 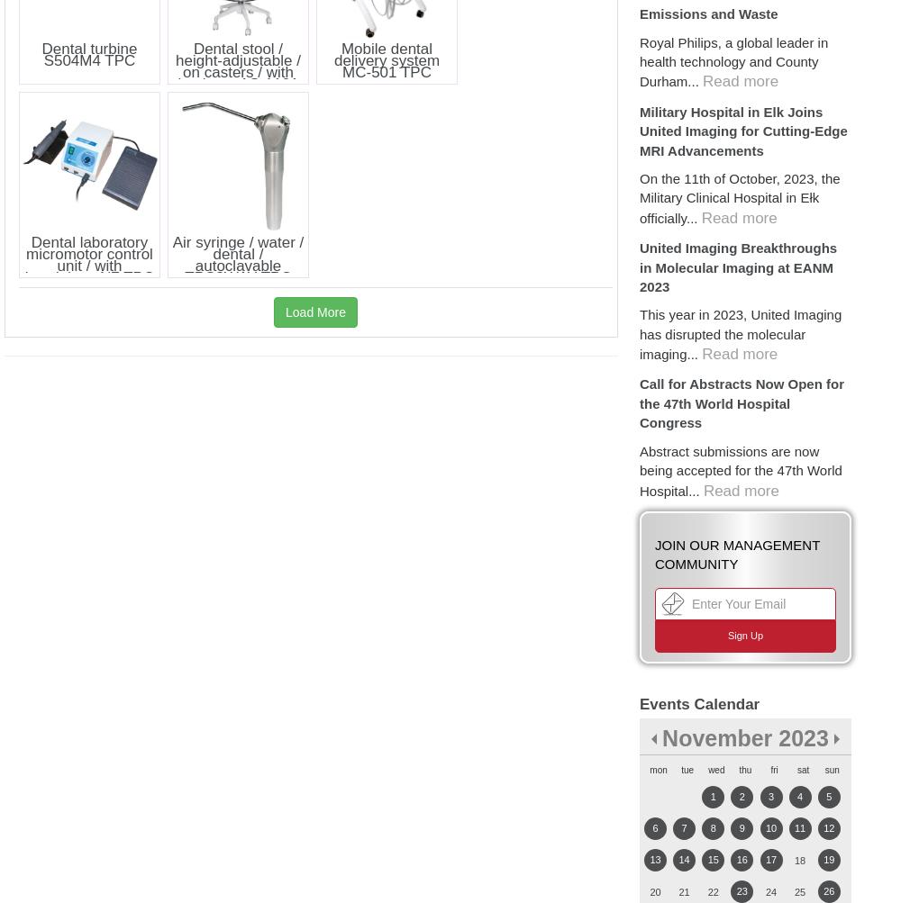 I want to click on 'Dental turbine S504M4 TPC', so click(x=87, y=53).